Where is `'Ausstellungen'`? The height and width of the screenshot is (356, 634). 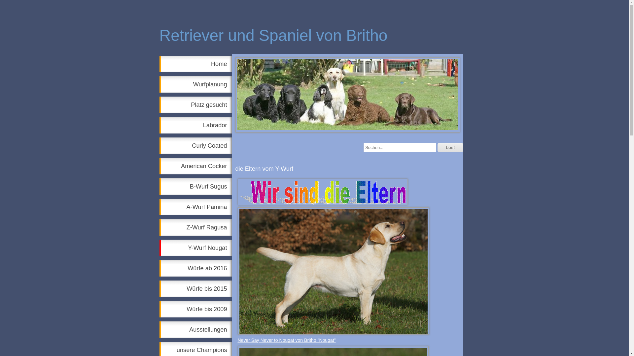
'Ausstellungen' is located at coordinates (159, 329).